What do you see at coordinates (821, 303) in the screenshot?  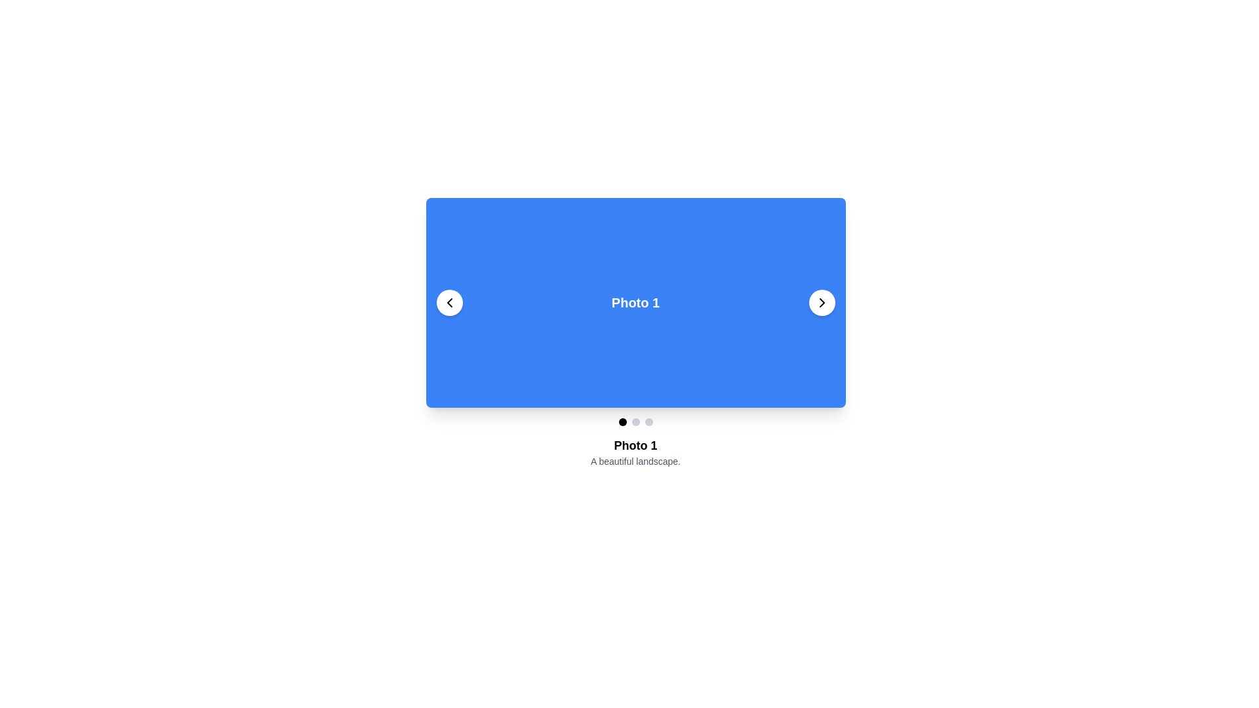 I see `the rounded circular button with a white background and a black arrow pointing to the right for keyboard navigation` at bounding box center [821, 303].